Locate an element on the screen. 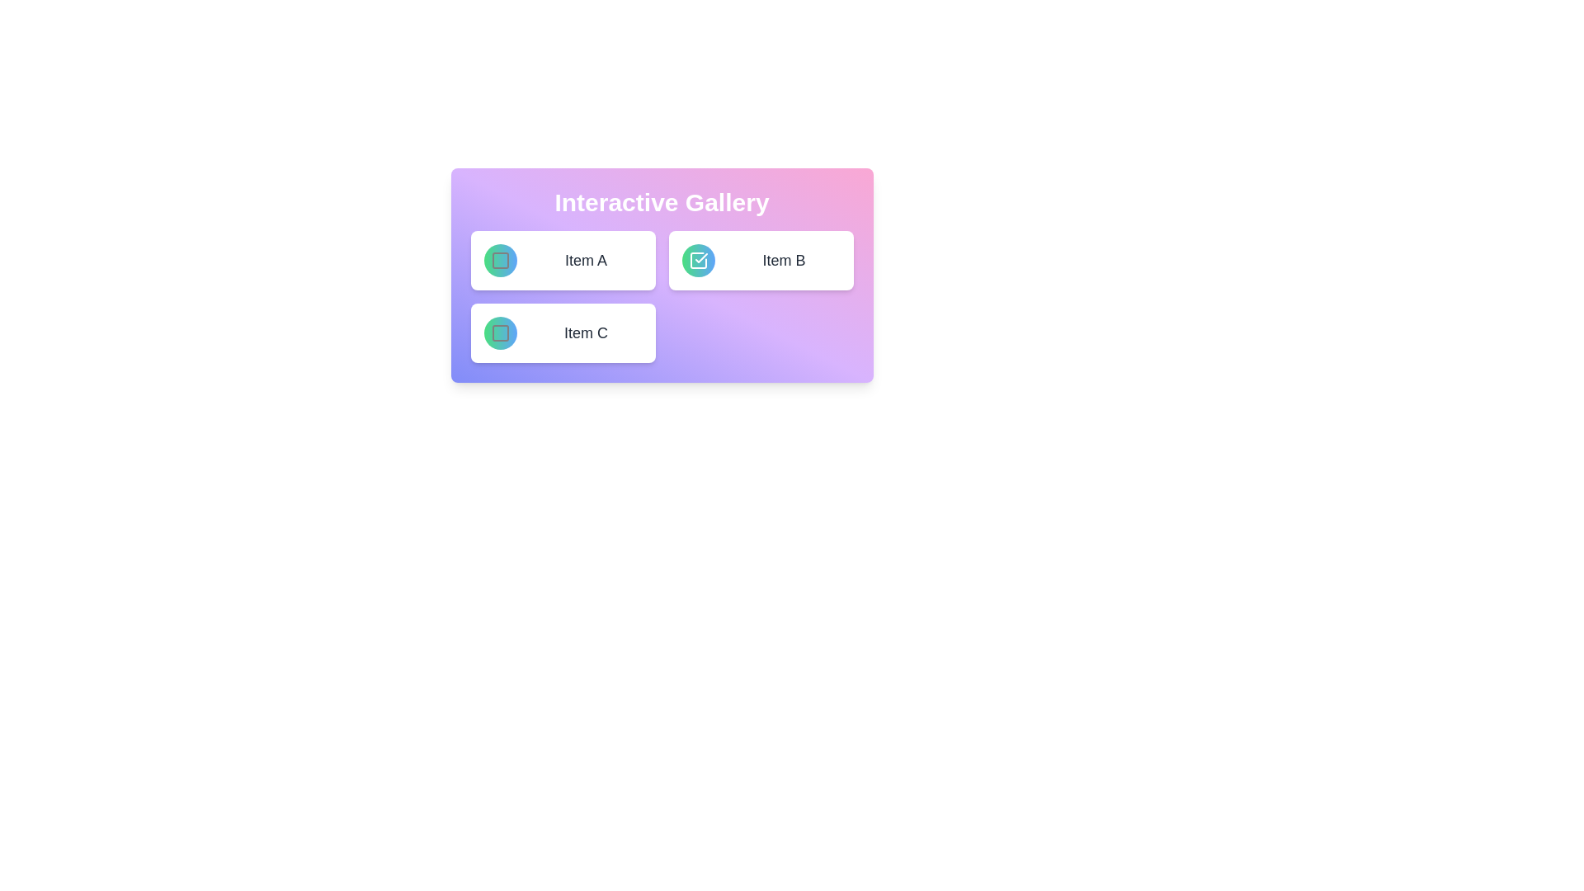 This screenshot has height=891, width=1584. the circular button with a gradient background transitioning from green to blue, featuring a checkmark overlaying a square, located within the 'Item B' card next to the label 'Item B' is located at coordinates (698, 260).